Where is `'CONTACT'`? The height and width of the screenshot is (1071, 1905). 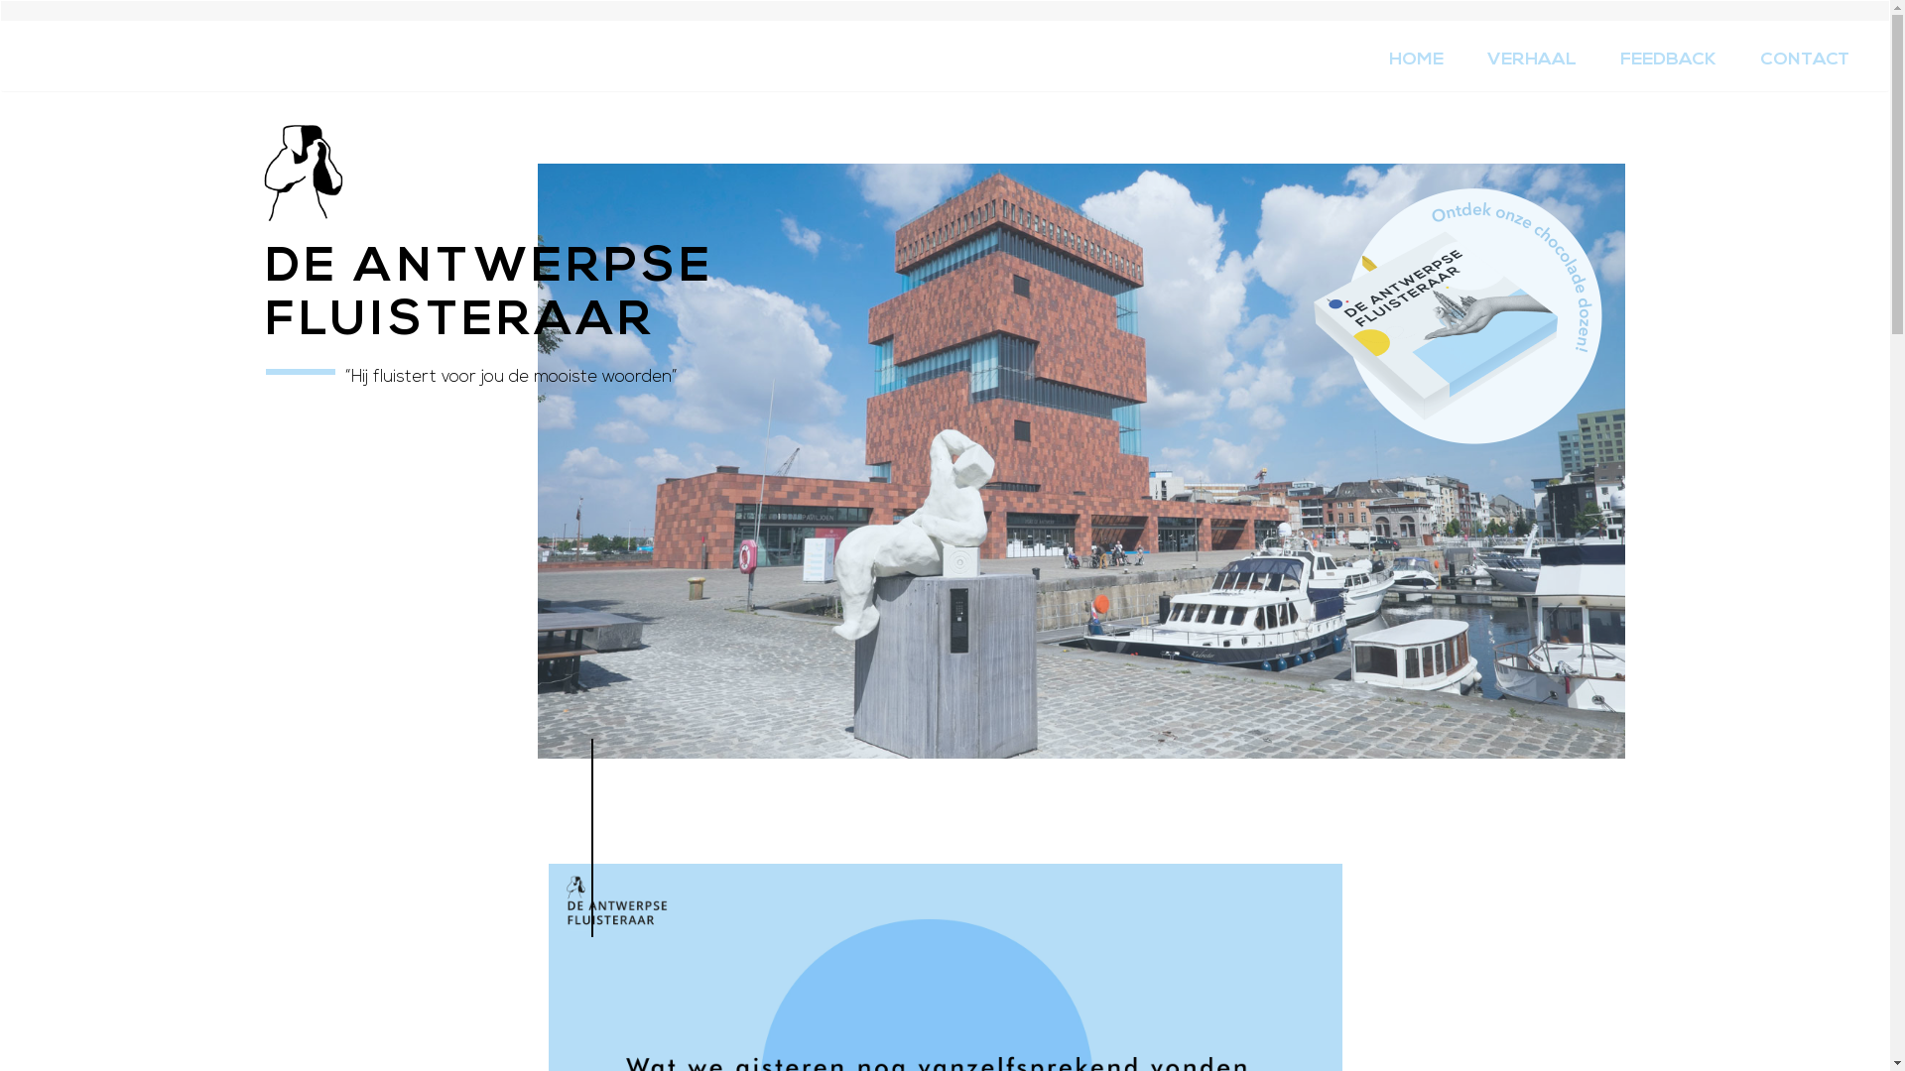 'CONTACT' is located at coordinates (1805, 59).